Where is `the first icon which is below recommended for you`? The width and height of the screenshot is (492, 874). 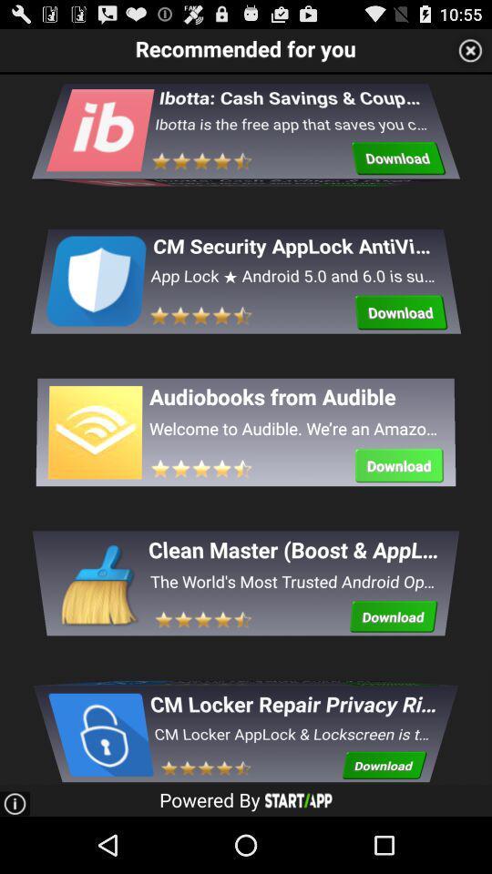
the first icon which is below recommended for you is located at coordinates (99, 142).